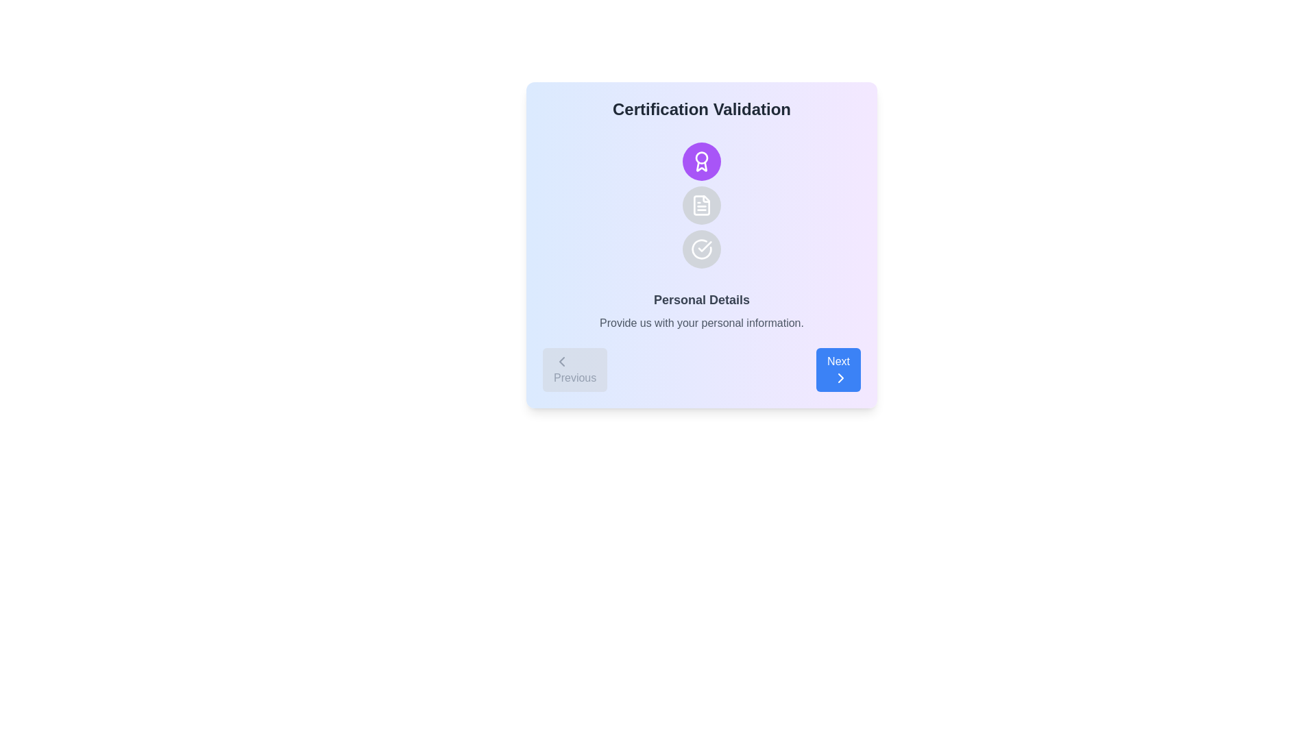 This screenshot has height=740, width=1316. I want to click on the rectangular document icon with a folded edge located between a purple circular icon and a grayscale circular icon in the vertical sequence, so click(701, 206).